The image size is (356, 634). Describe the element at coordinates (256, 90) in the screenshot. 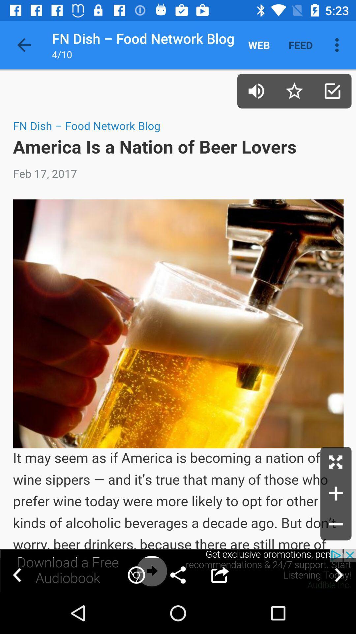

I see `sount` at that location.